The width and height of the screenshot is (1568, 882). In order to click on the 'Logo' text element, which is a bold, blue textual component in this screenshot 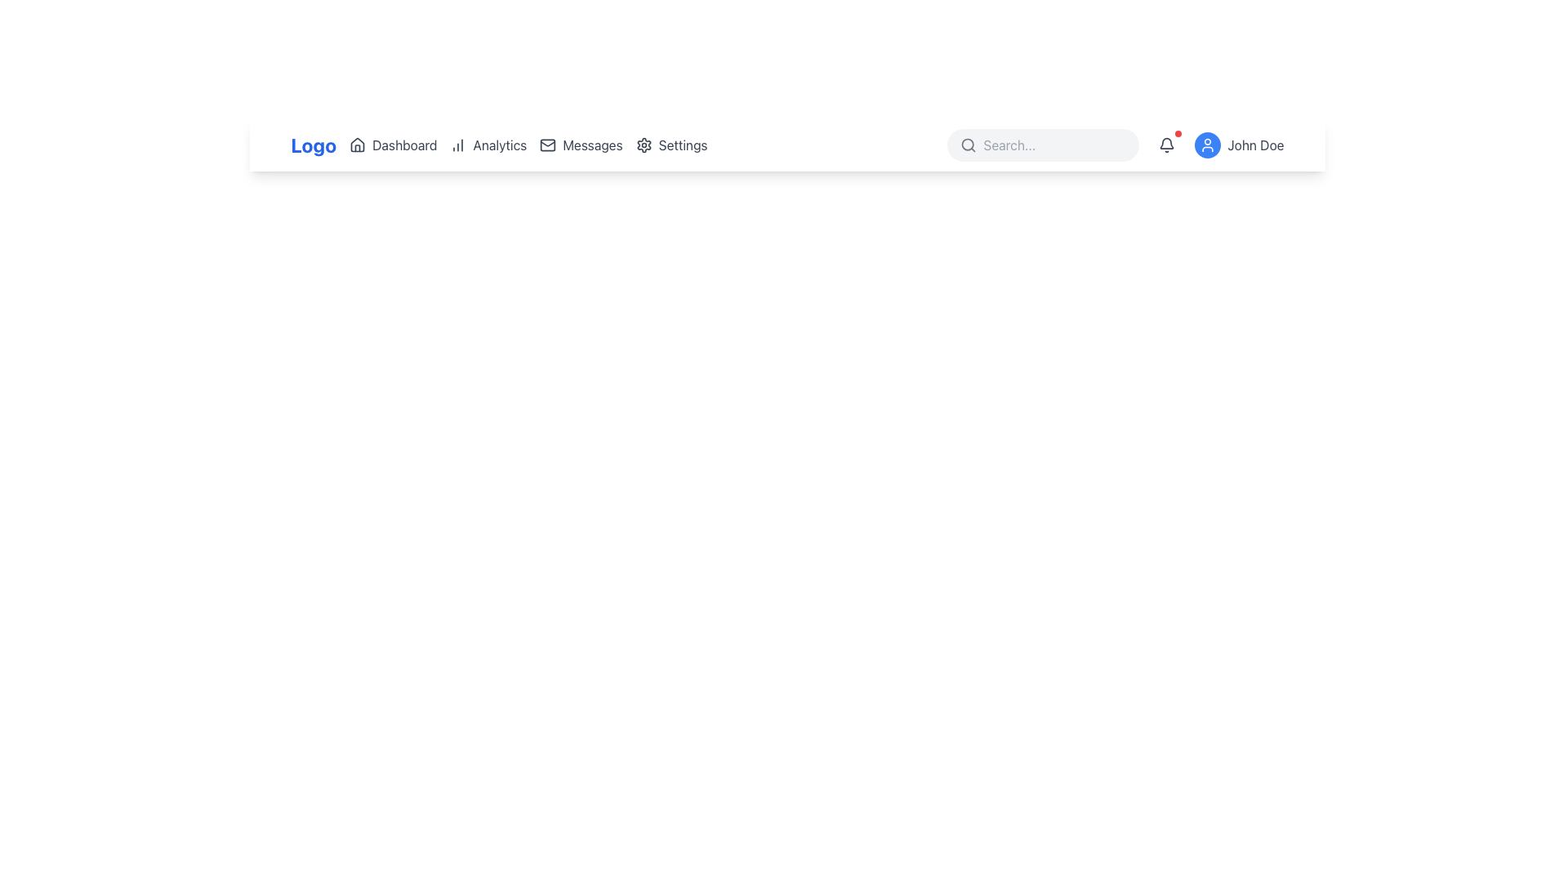, I will do `click(314, 144)`.